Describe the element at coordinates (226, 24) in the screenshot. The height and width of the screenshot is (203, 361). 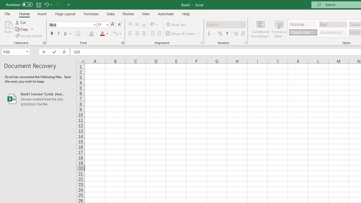
I see `'Number Format'` at that location.